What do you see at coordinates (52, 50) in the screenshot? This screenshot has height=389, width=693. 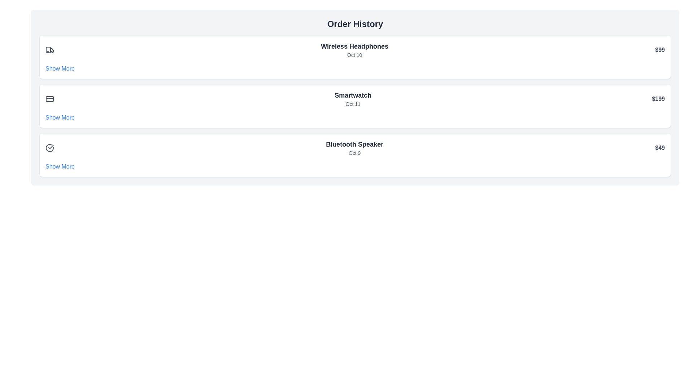 I see `the truck rear section icon located in the top-left corner of the first card in the 'Order History' list` at bounding box center [52, 50].